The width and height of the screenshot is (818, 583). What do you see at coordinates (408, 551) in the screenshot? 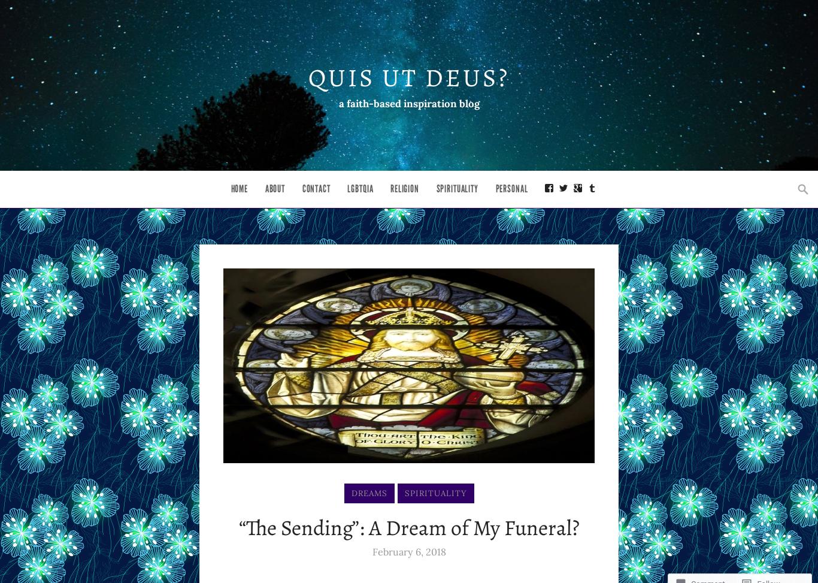
I see `'February 6, 2018'` at bounding box center [408, 551].